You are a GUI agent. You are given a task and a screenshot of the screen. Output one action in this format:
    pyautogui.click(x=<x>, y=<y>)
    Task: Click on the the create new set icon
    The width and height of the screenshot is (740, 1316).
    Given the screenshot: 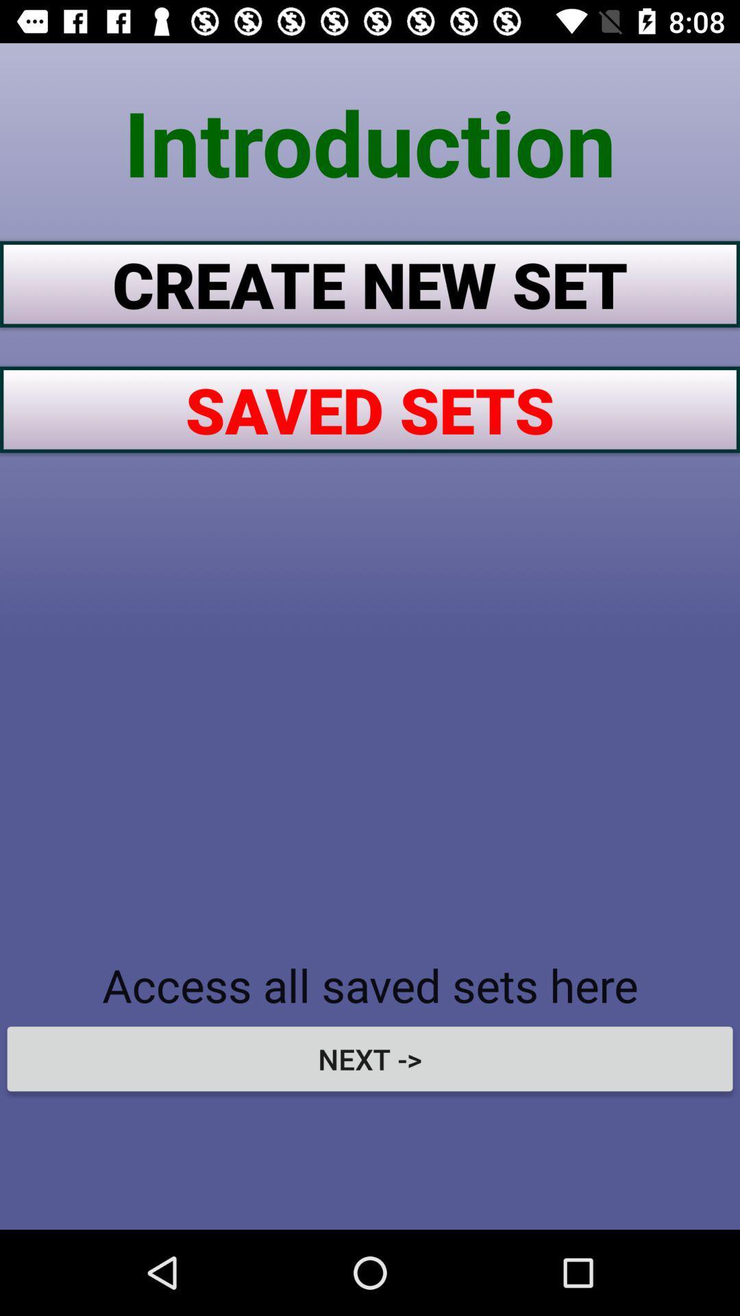 What is the action you would take?
    pyautogui.click(x=370, y=283)
    